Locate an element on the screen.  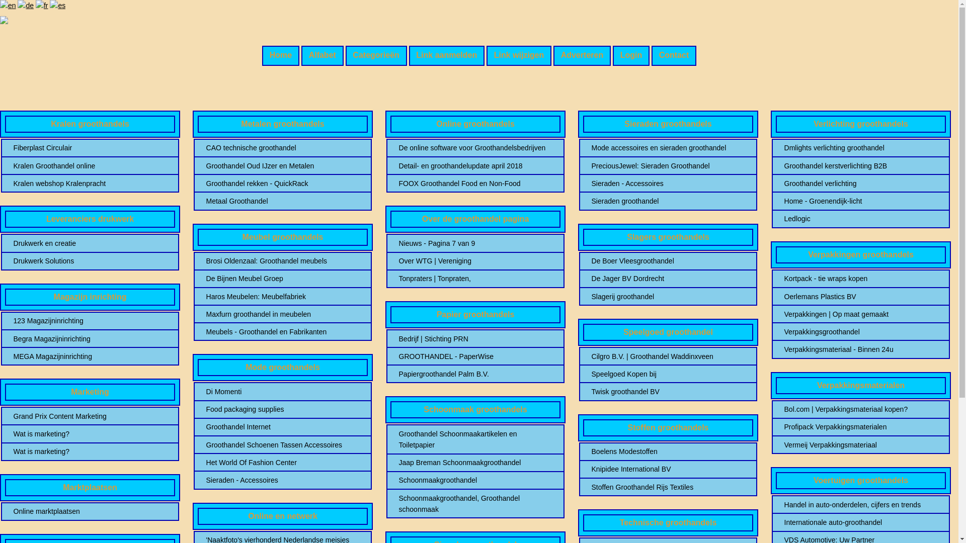
'De Jager BV Dordrecht' is located at coordinates (668, 279).